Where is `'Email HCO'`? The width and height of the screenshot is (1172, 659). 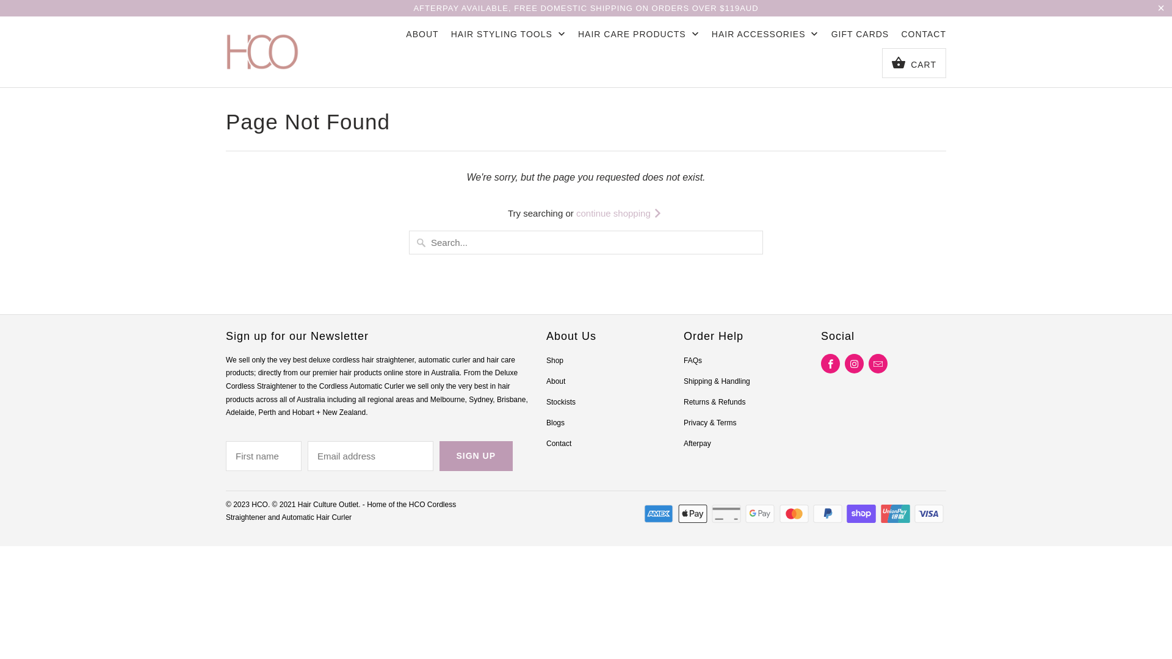
'Email HCO' is located at coordinates (877, 363).